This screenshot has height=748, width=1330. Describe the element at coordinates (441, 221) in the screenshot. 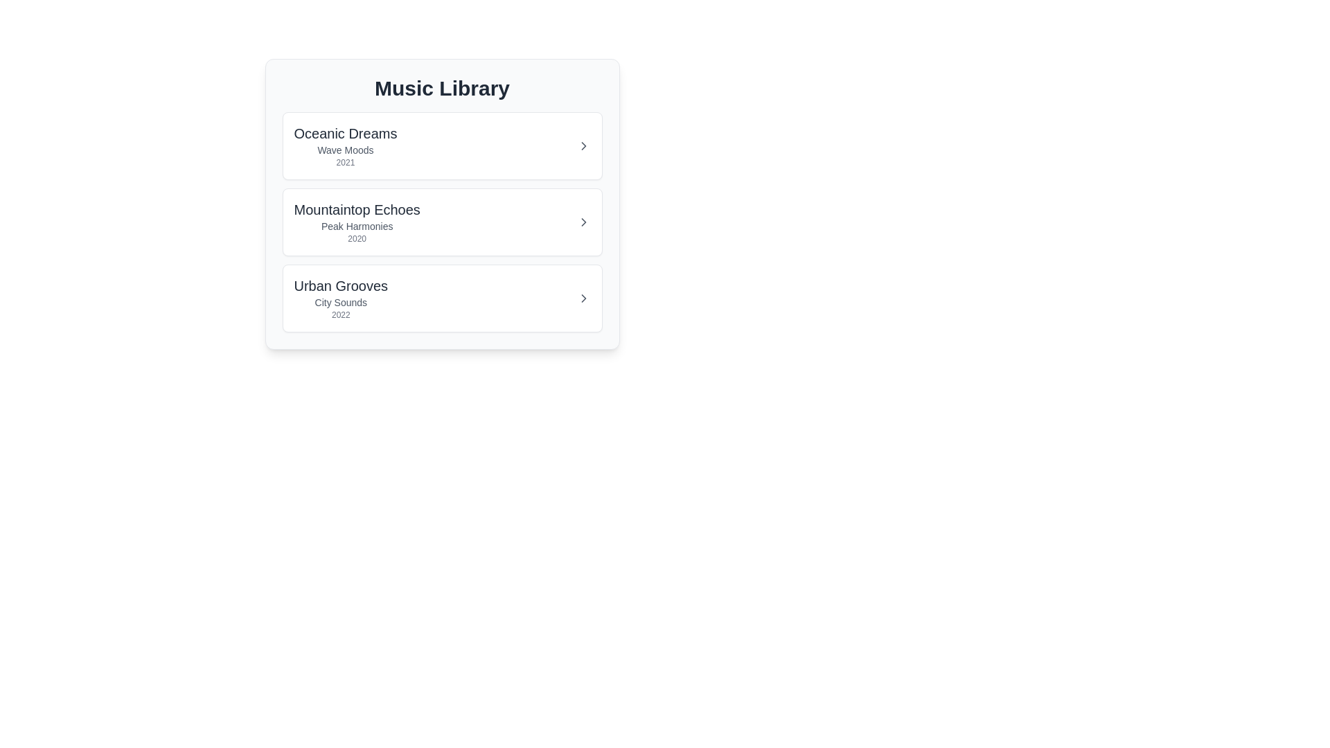

I see `the album item corresponding to Mountaintop Echoes` at that location.